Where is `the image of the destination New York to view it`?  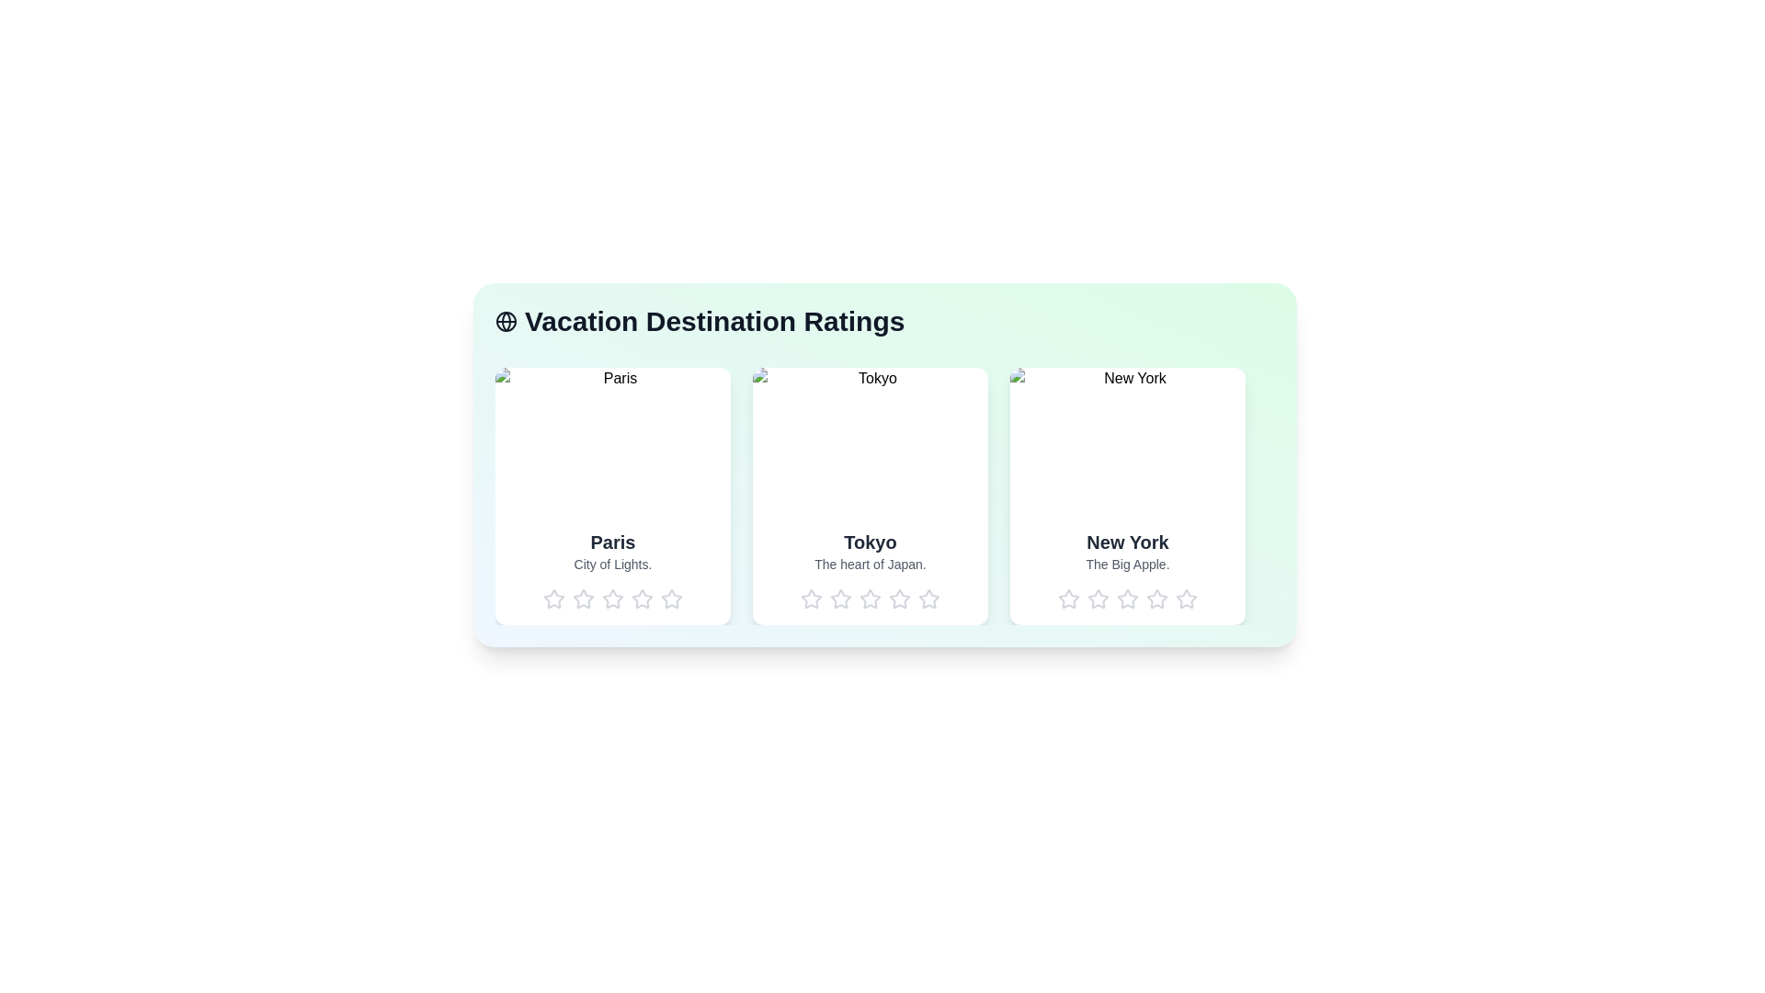 the image of the destination New York to view it is located at coordinates (1127, 440).